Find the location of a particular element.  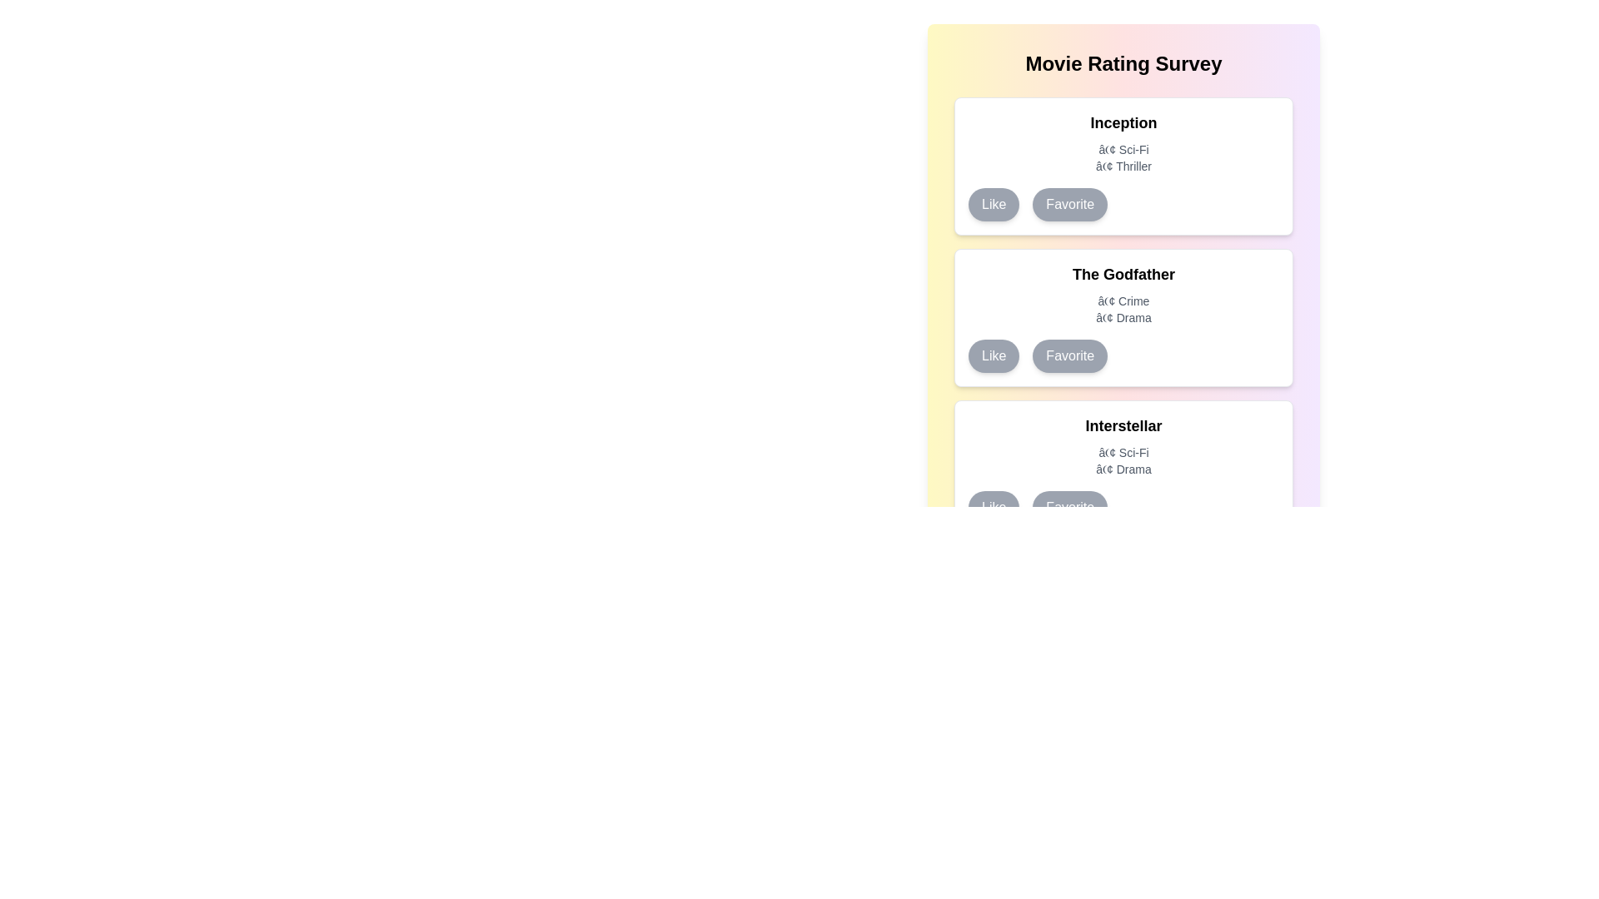

text content of the first Text label indicating that the 'Inception' movie falls under the 'Sci-Fi' genre is located at coordinates (1123, 150).